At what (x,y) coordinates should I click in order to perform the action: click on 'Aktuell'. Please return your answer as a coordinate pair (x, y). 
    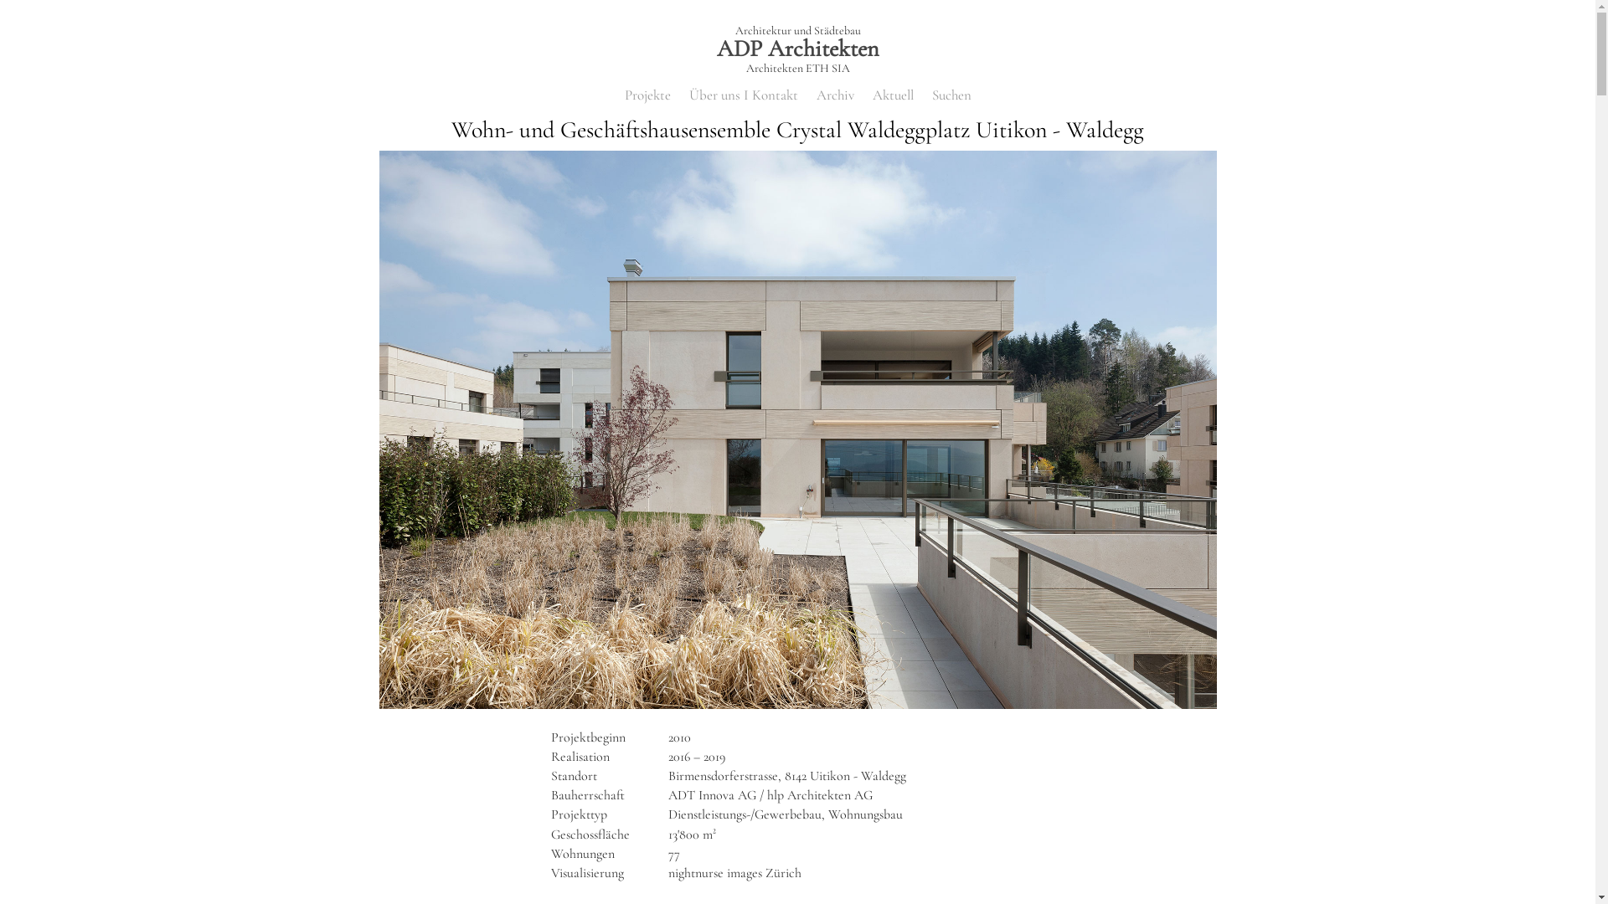
    Looking at the image, I should click on (892, 96).